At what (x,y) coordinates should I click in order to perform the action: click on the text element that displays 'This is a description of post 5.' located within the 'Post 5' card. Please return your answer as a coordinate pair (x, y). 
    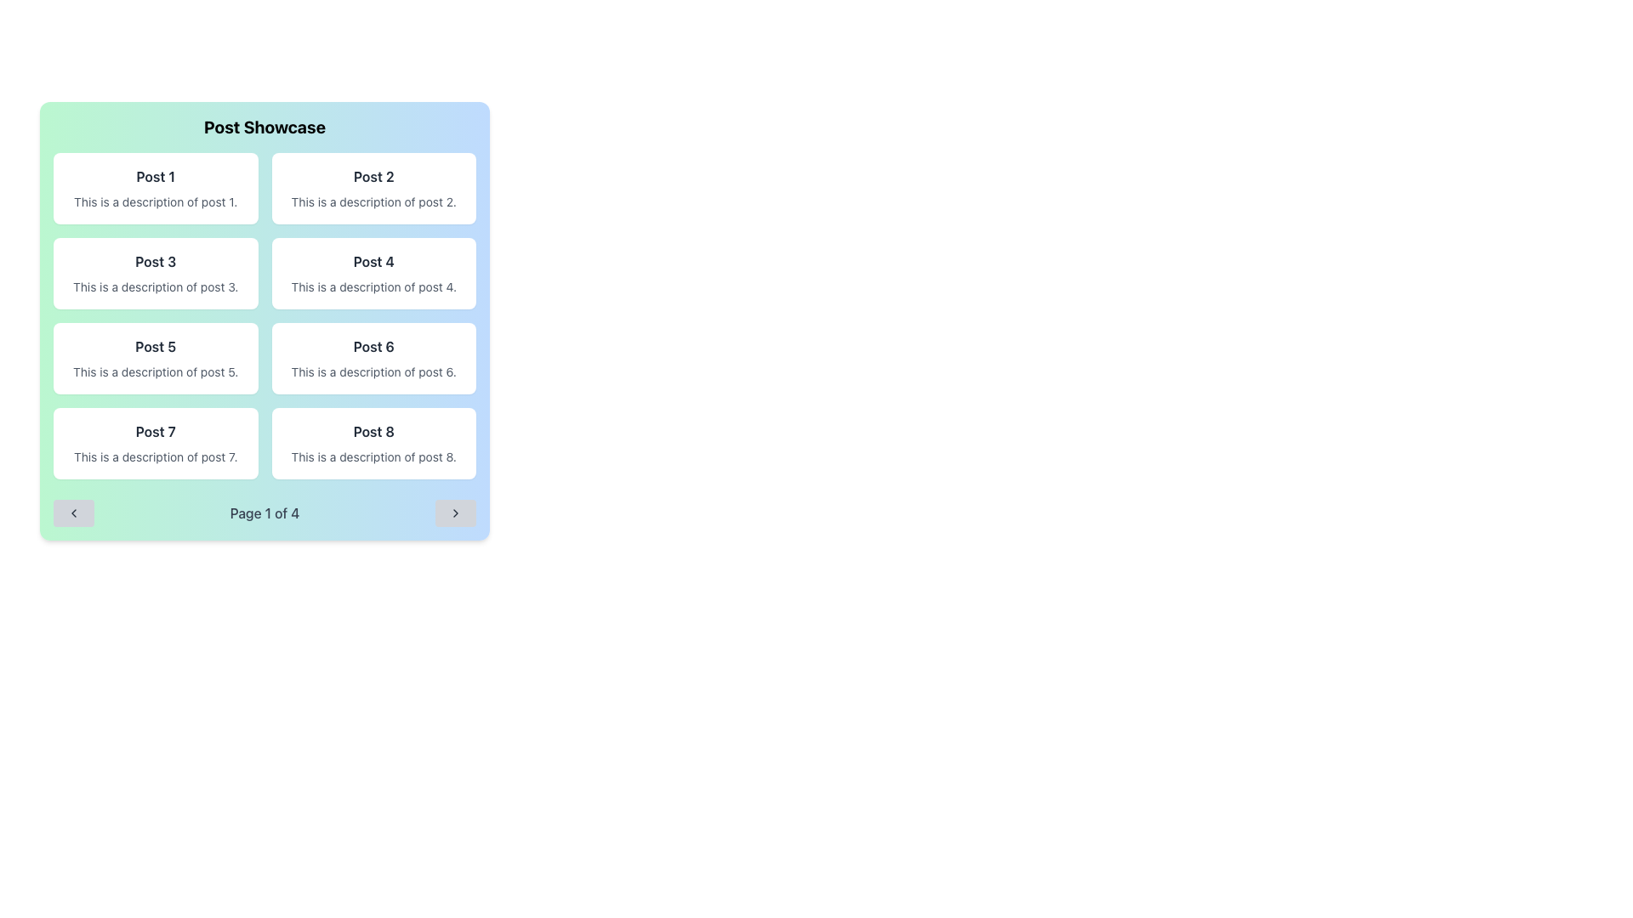
    Looking at the image, I should click on (156, 371).